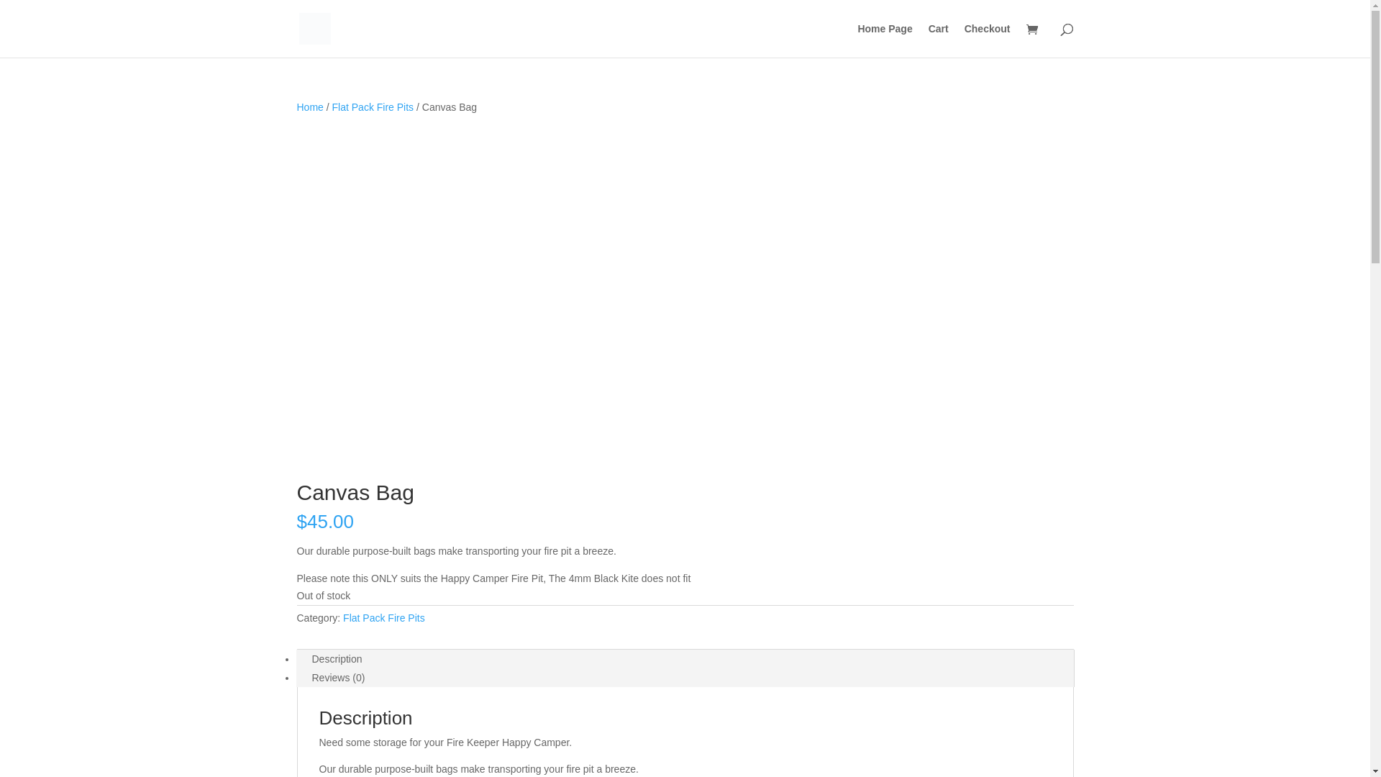 The width and height of the screenshot is (1381, 777). I want to click on 'Home', so click(309, 106).